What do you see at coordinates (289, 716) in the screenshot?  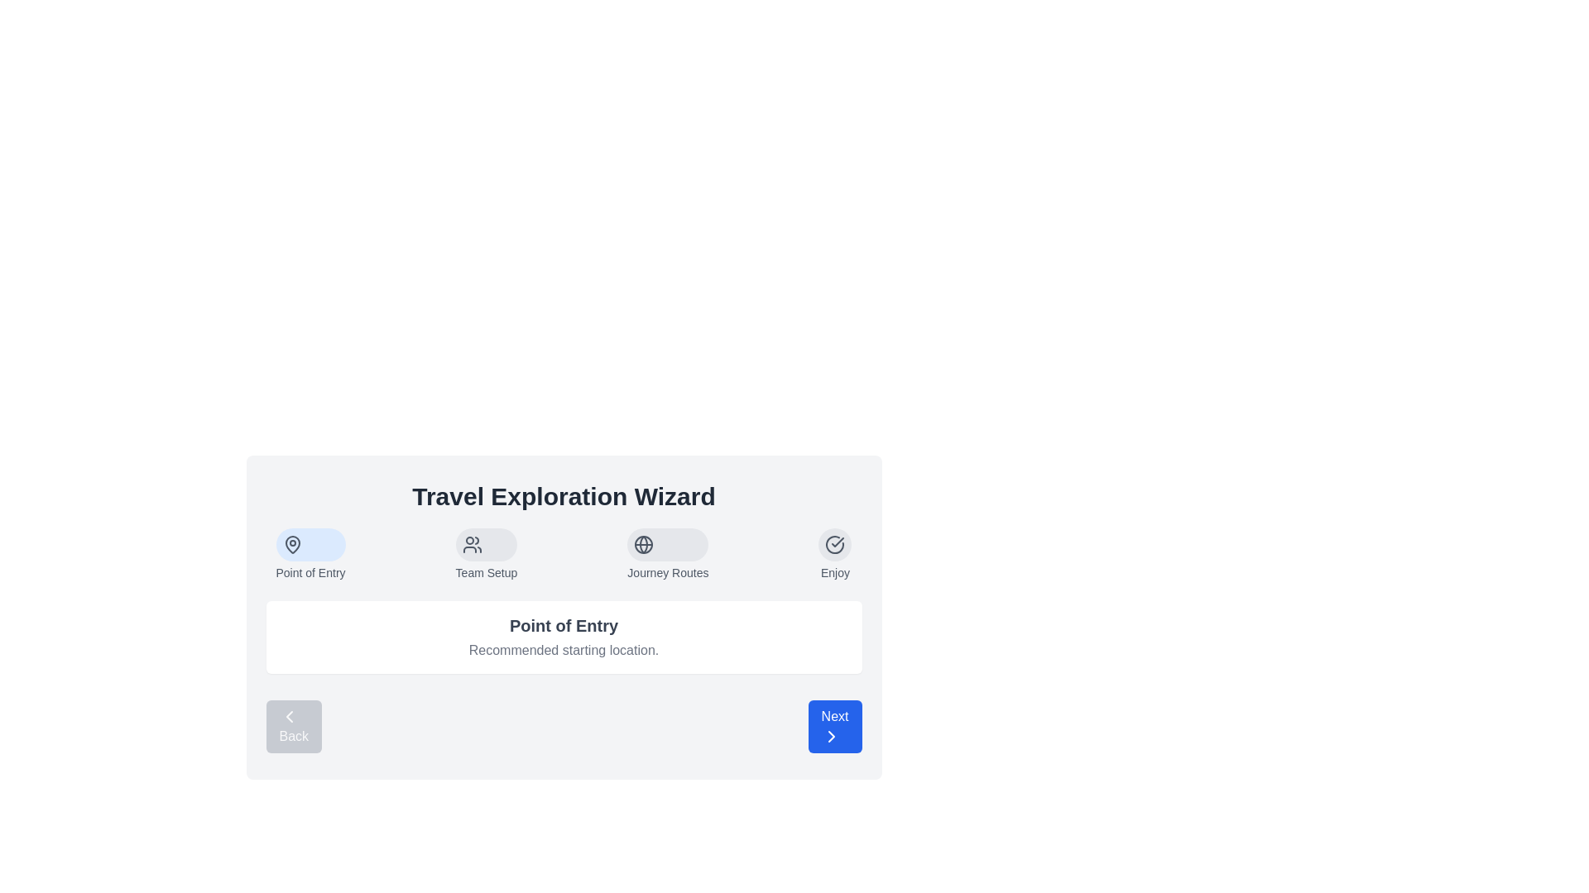 I see `the 'Back' button located in the bottom-left corner of the interface` at bounding box center [289, 716].